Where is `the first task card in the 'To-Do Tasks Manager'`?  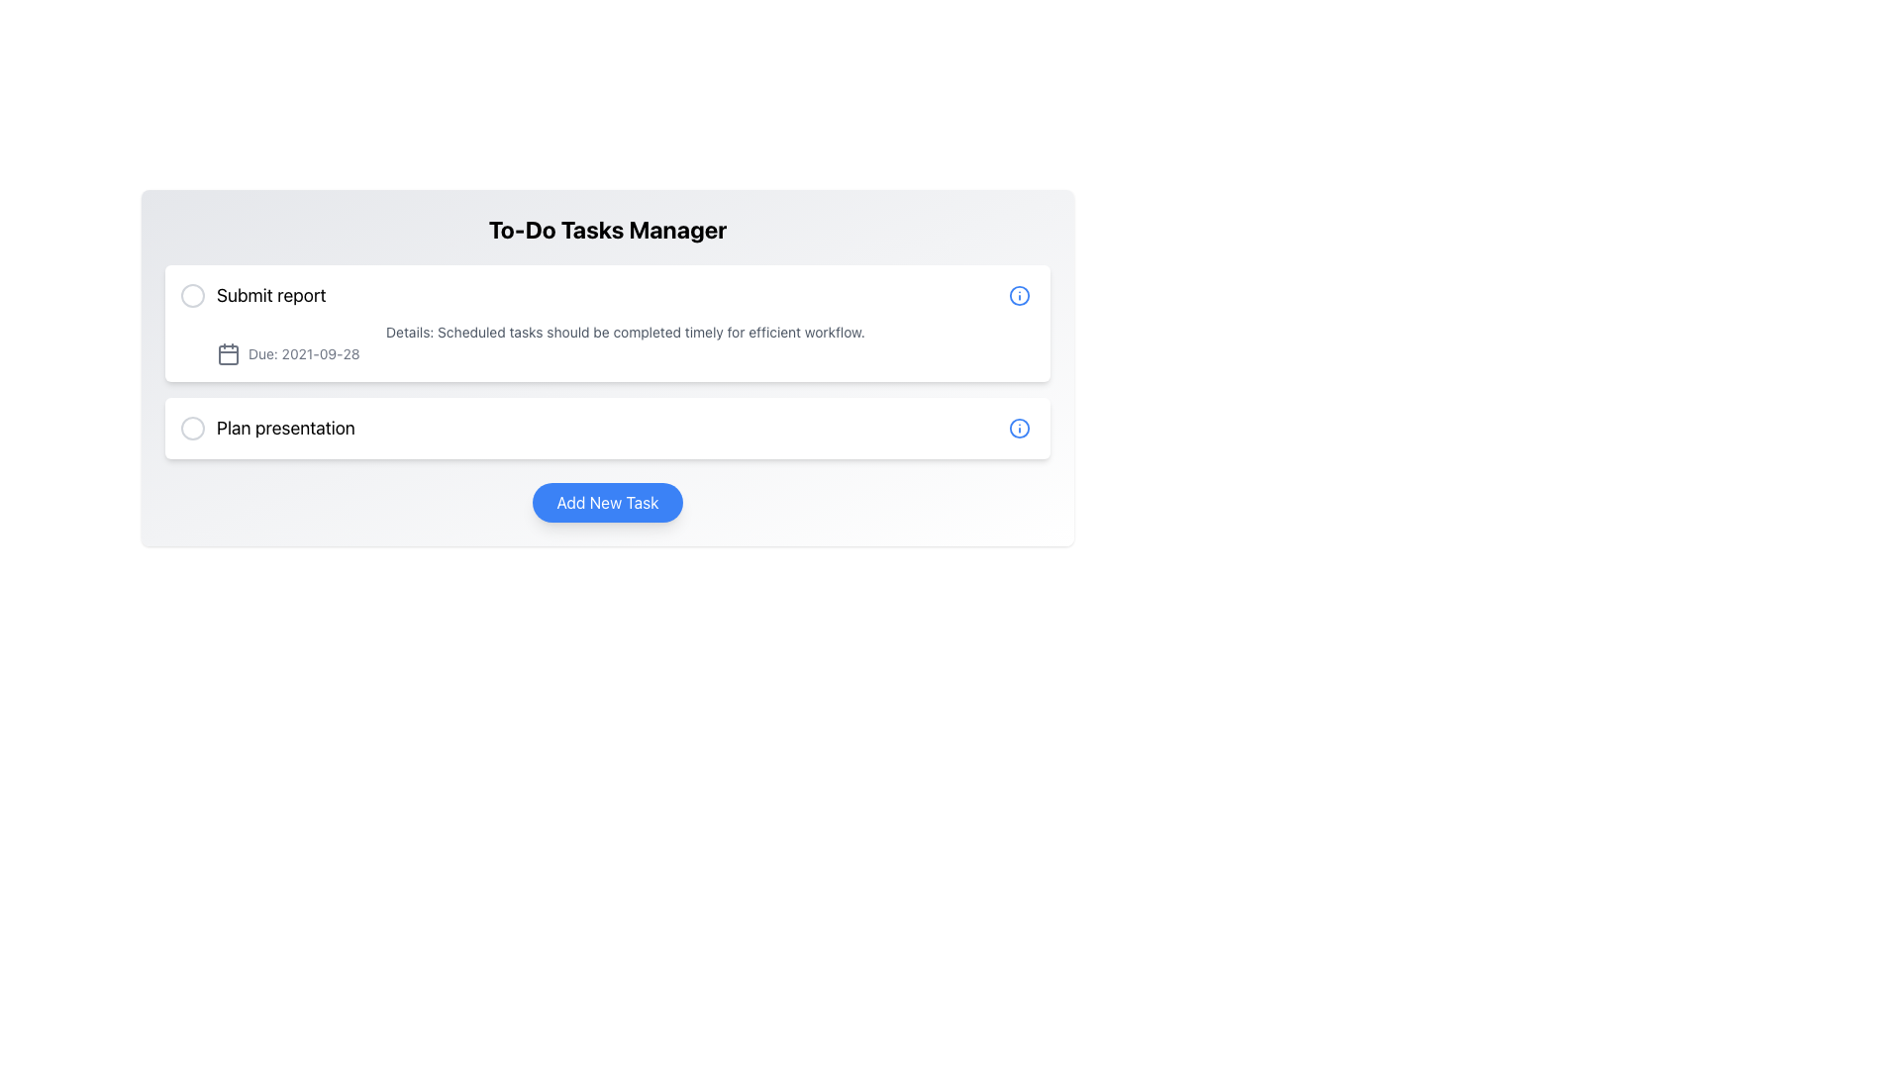
the first task card in the 'To-Do Tasks Manager' is located at coordinates (607, 323).